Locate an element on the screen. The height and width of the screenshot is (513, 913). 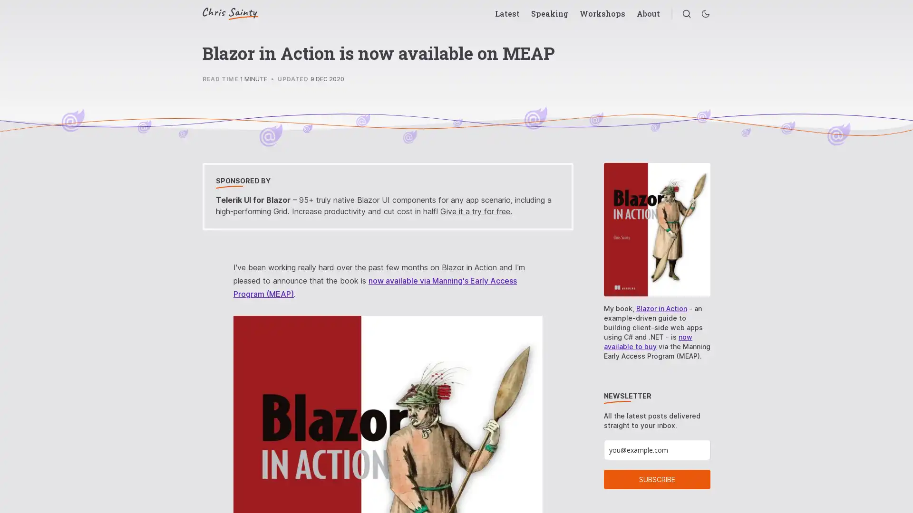
Enable dark mode is located at coordinates (705, 14).